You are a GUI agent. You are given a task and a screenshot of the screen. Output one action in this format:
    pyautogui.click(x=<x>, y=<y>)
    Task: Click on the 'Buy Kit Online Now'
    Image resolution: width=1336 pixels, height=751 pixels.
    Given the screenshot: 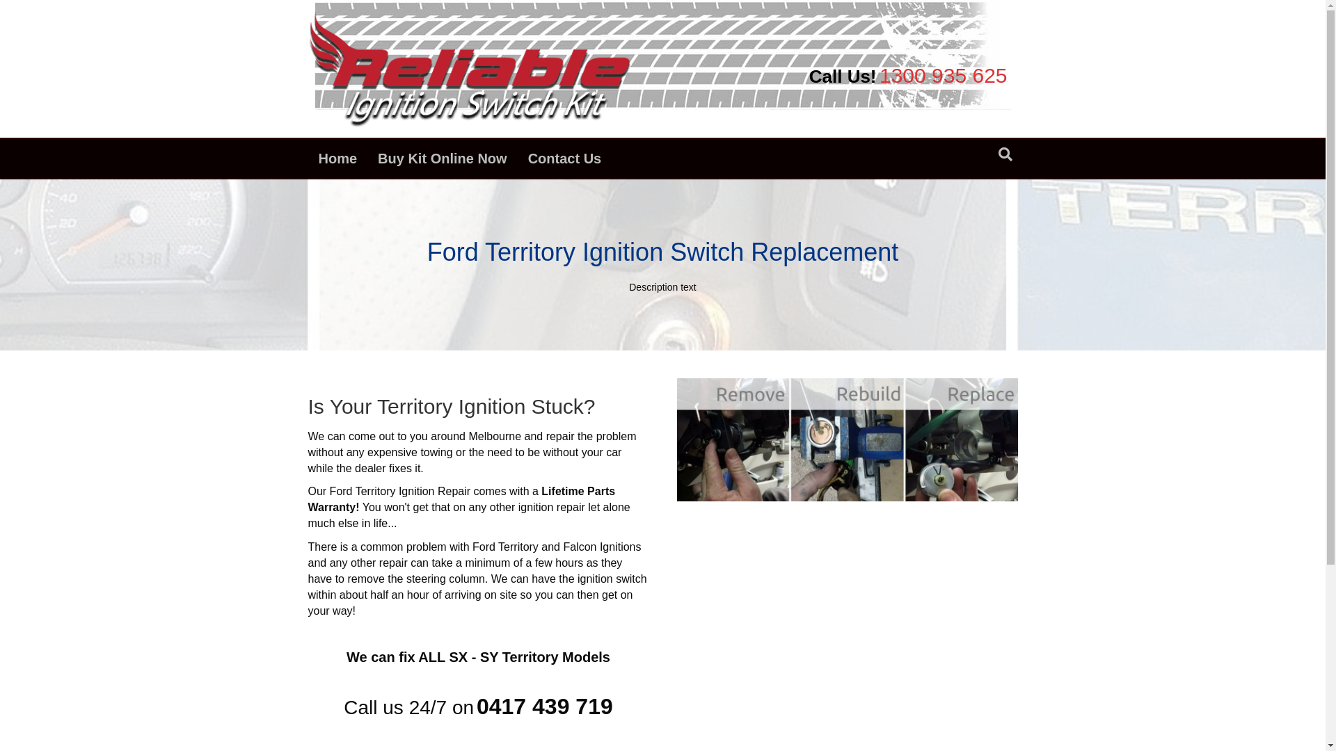 What is the action you would take?
    pyautogui.click(x=367, y=157)
    